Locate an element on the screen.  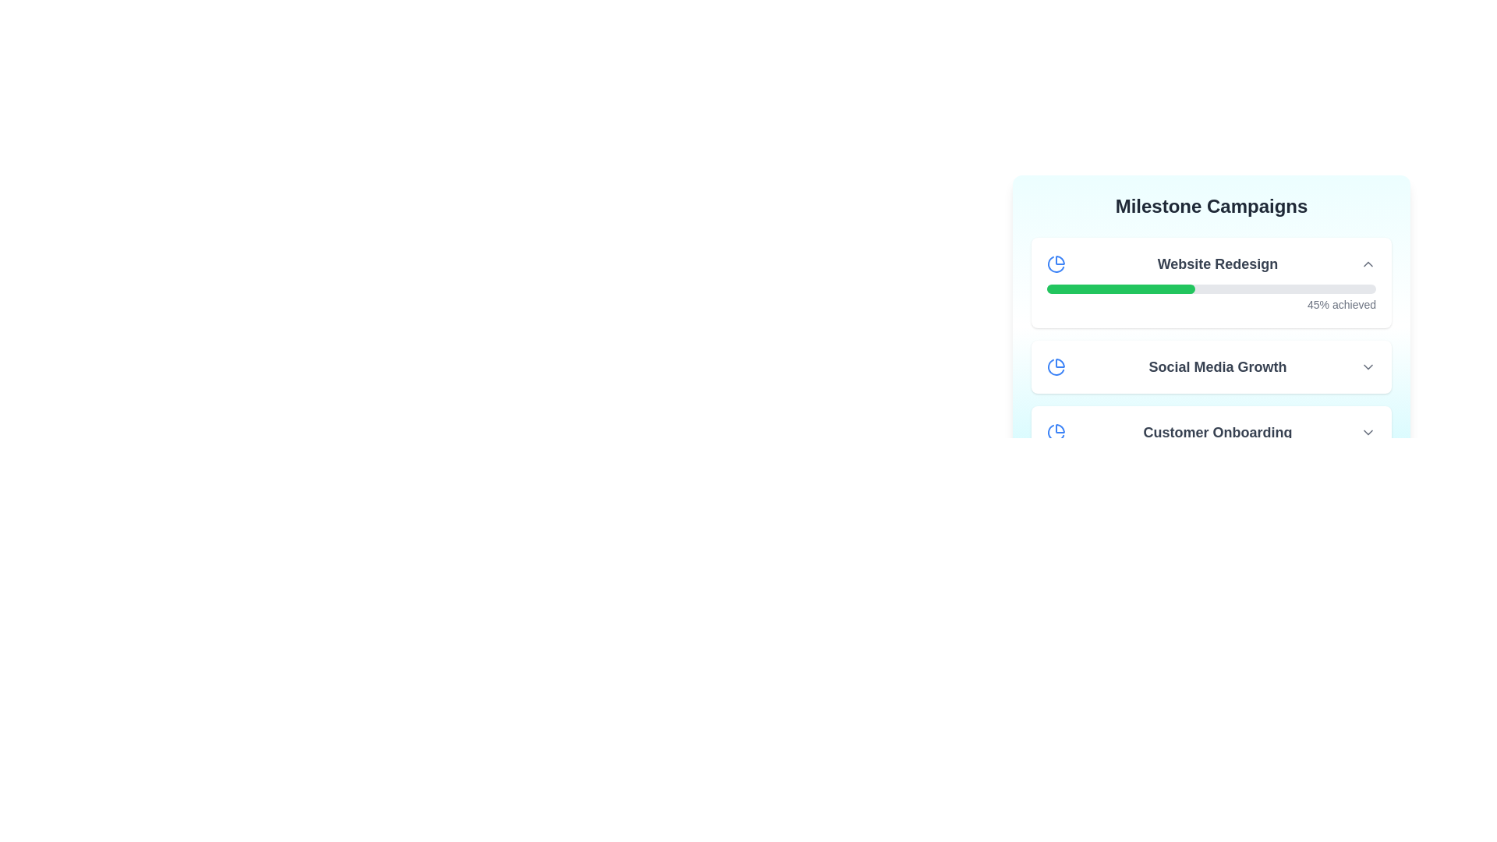
the icon button located to the right of the progress bar in the 'Website Redesign' section to facilitate interaction for collapsing or contracting its detailed view is located at coordinates (1368, 264).